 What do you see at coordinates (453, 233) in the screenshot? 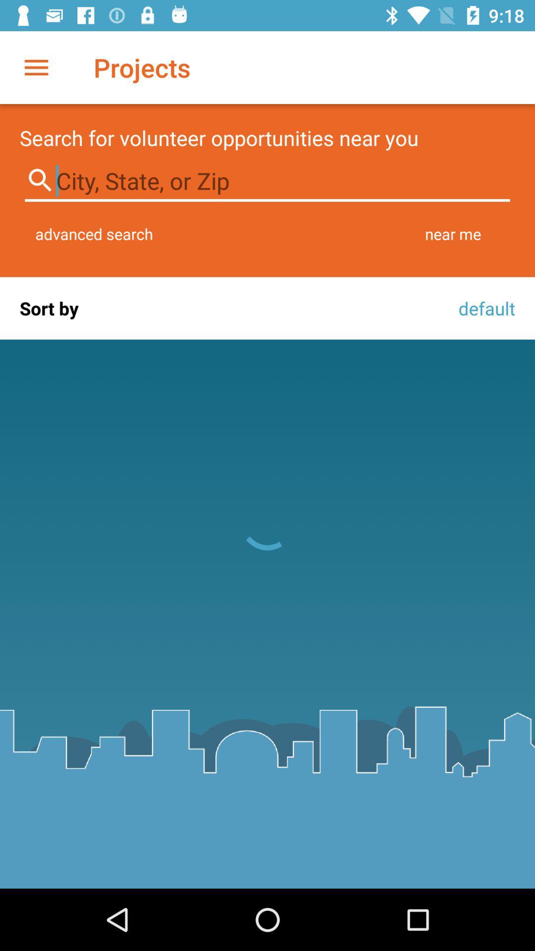
I see `icon next to advanced search` at bounding box center [453, 233].